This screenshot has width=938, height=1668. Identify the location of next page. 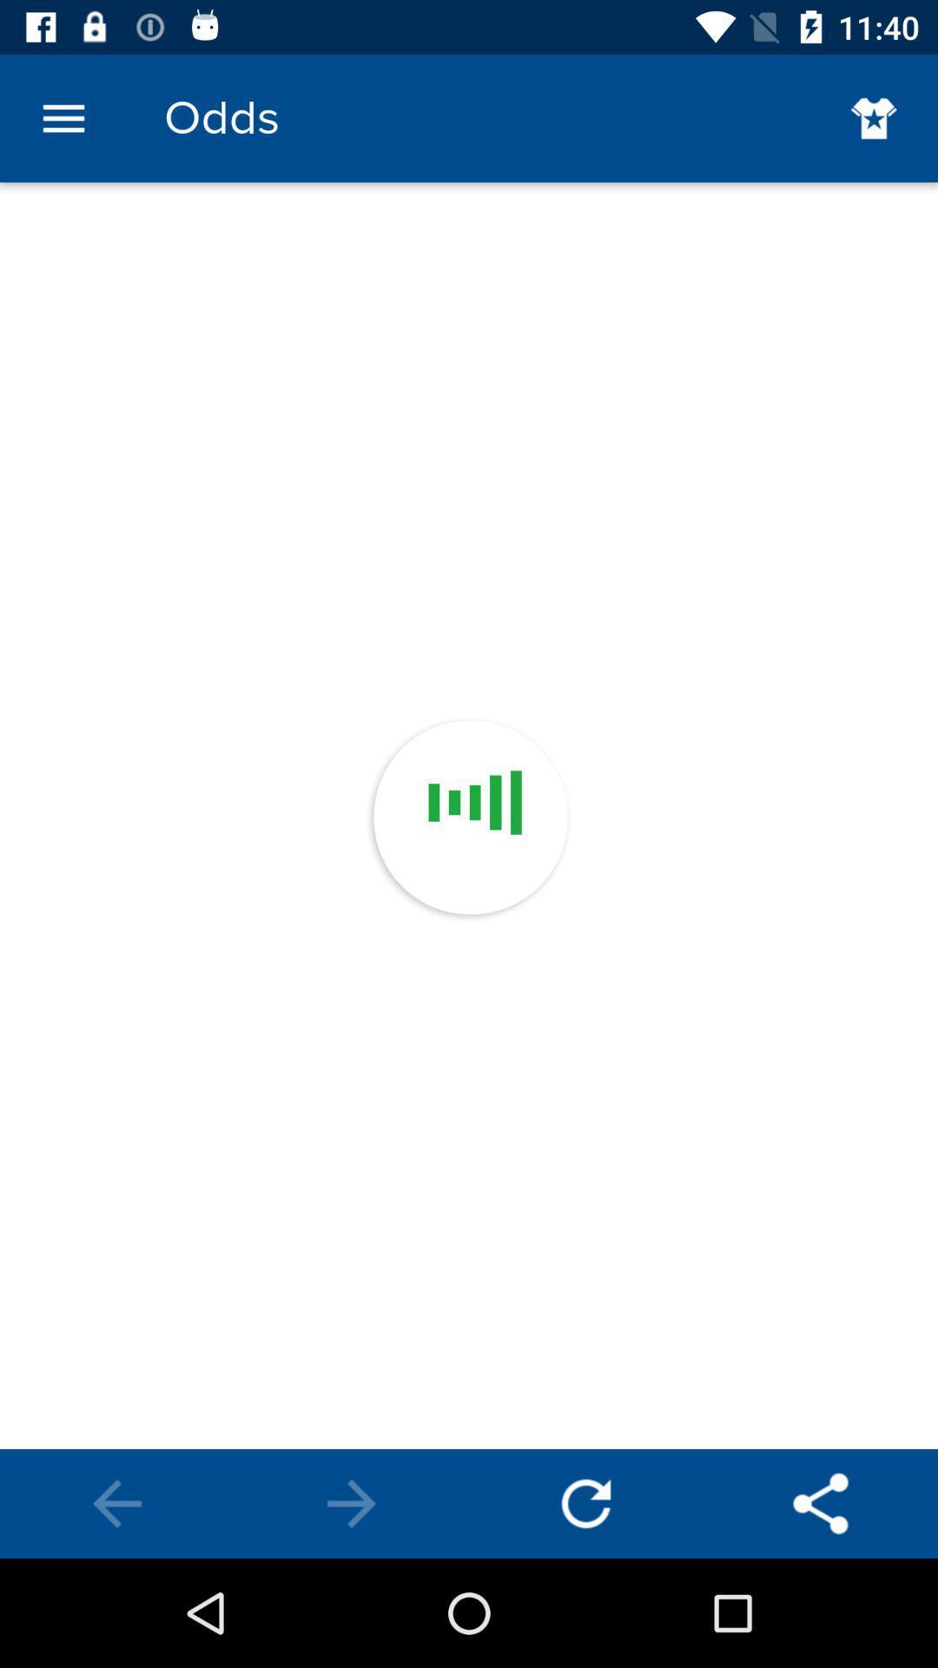
(352, 1503).